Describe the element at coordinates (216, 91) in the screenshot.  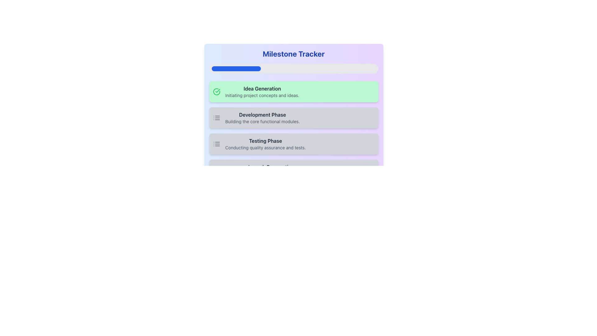
I see `the checkmark icon located within the green-shaded section labeled 'Idea Generation' in the progress tracker interface` at that location.